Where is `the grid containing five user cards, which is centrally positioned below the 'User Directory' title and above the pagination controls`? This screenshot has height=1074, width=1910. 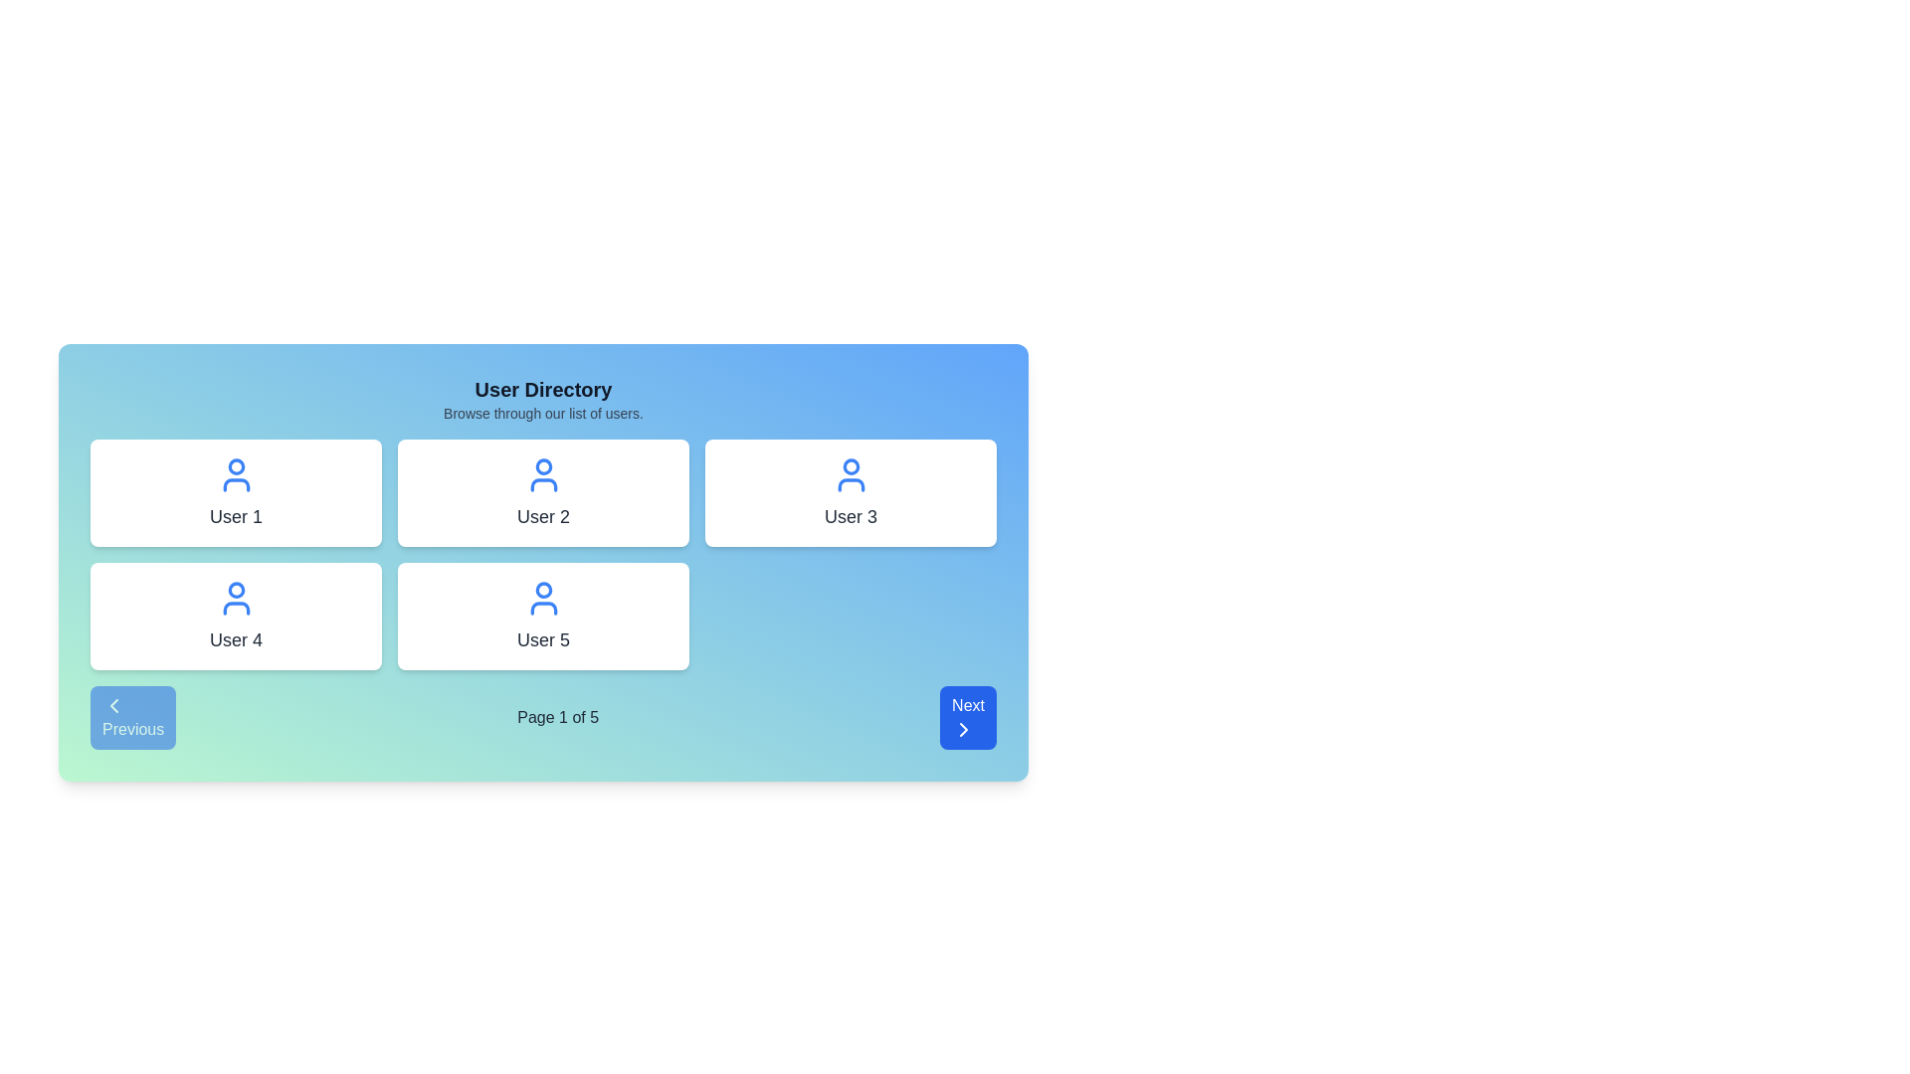 the grid containing five user cards, which is centrally positioned below the 'User Directory' title and above the pagination controls is located at coordinates (543, 555).